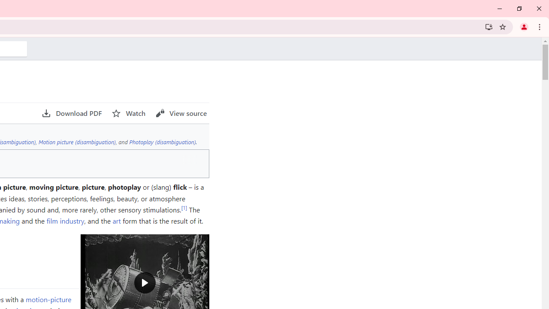 The image size is (549, 309). Describe the element at coordinates (128, 113) in the screenshot. I see `'Watch'` at that location.